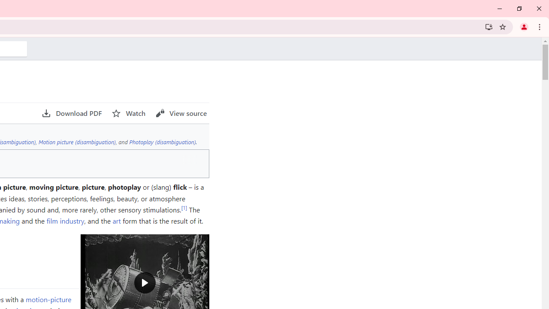 The image size is (549, 309). Describe the element at coordinates (128, 113) in the screenshot. I see `'Watch'` at that location.